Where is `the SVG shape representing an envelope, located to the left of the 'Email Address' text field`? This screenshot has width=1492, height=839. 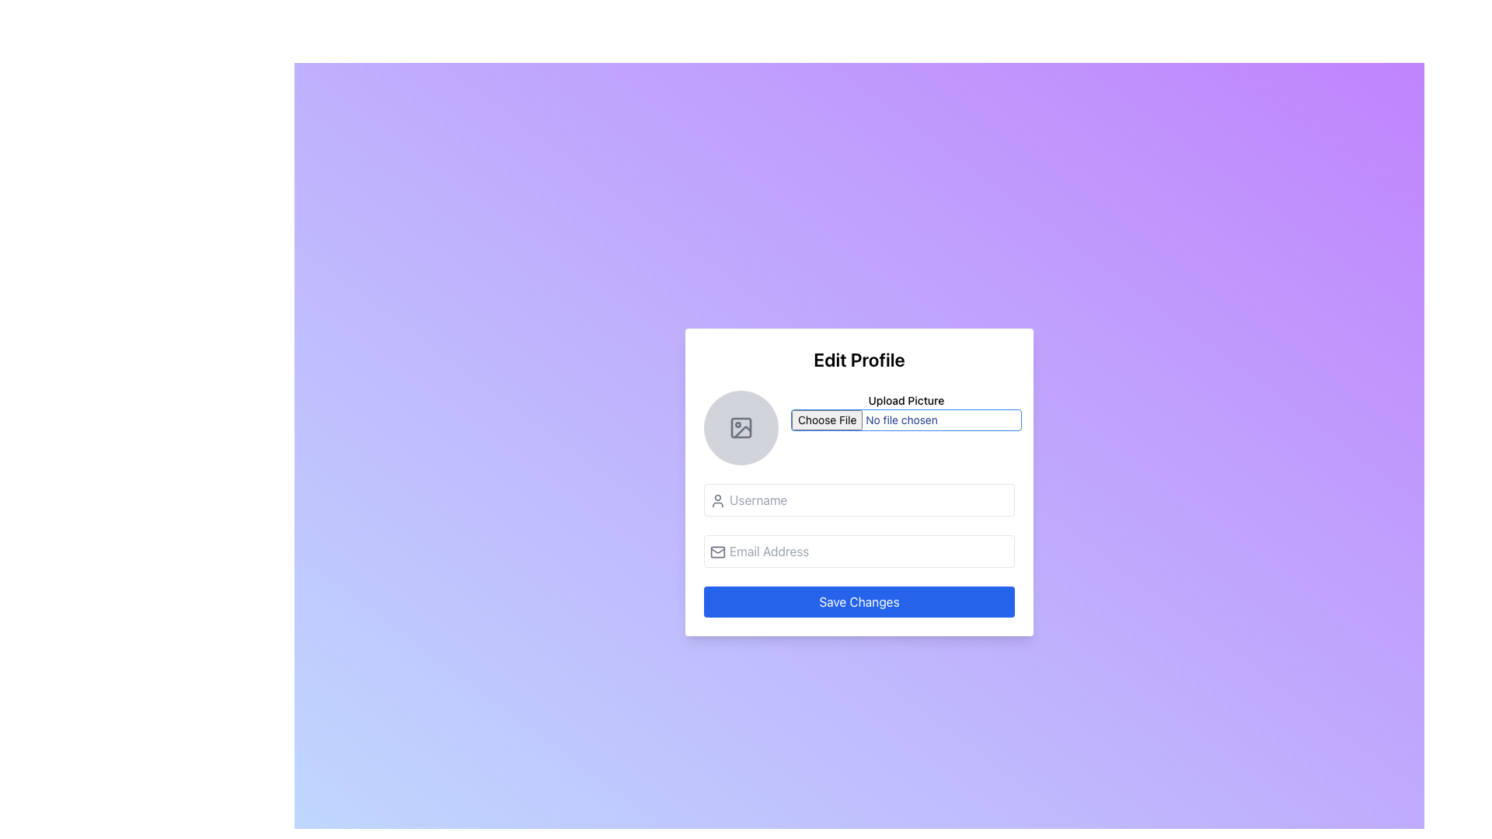 the SVG shape representing an envelope, located to the left of the 'Email Address' text field is located at coordinates (717, 551).